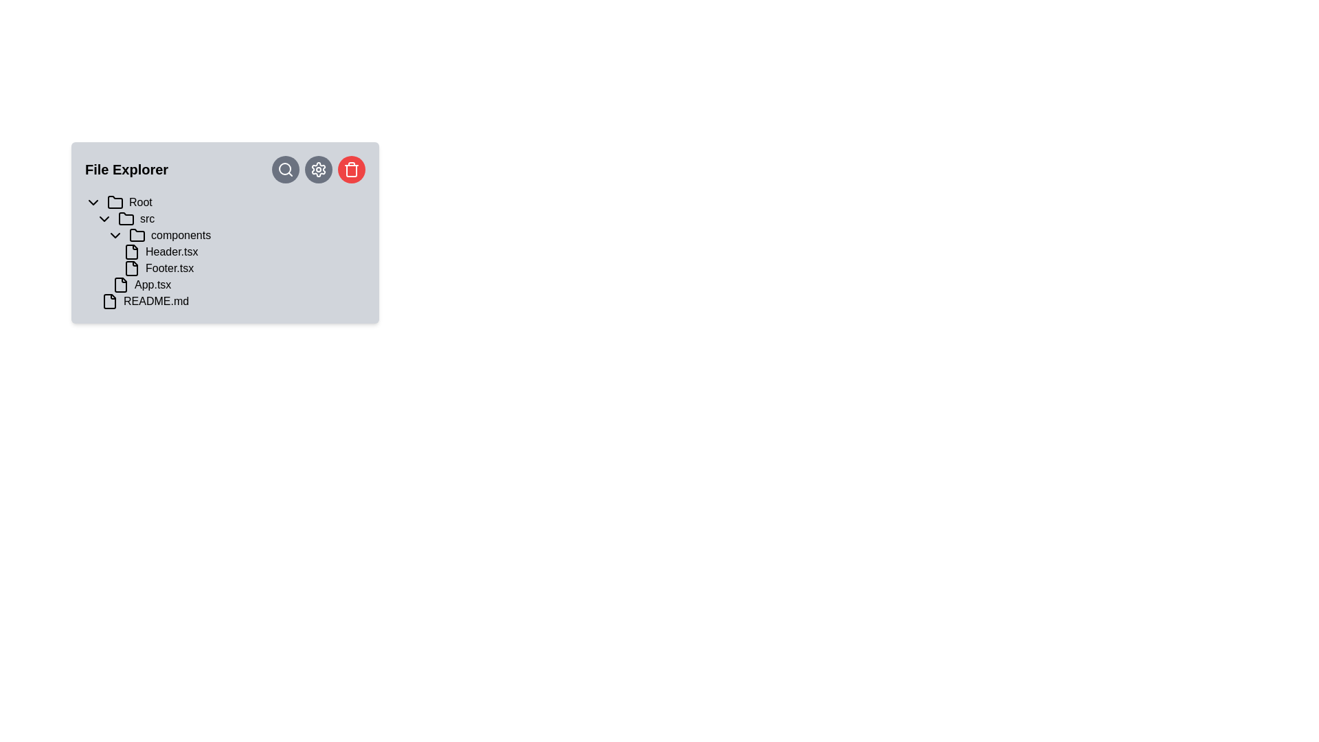  I want to click on the icon representing the file type for 'README.md' located near the bottom of the file tree section in the file explorer interface, so click(109, 301).